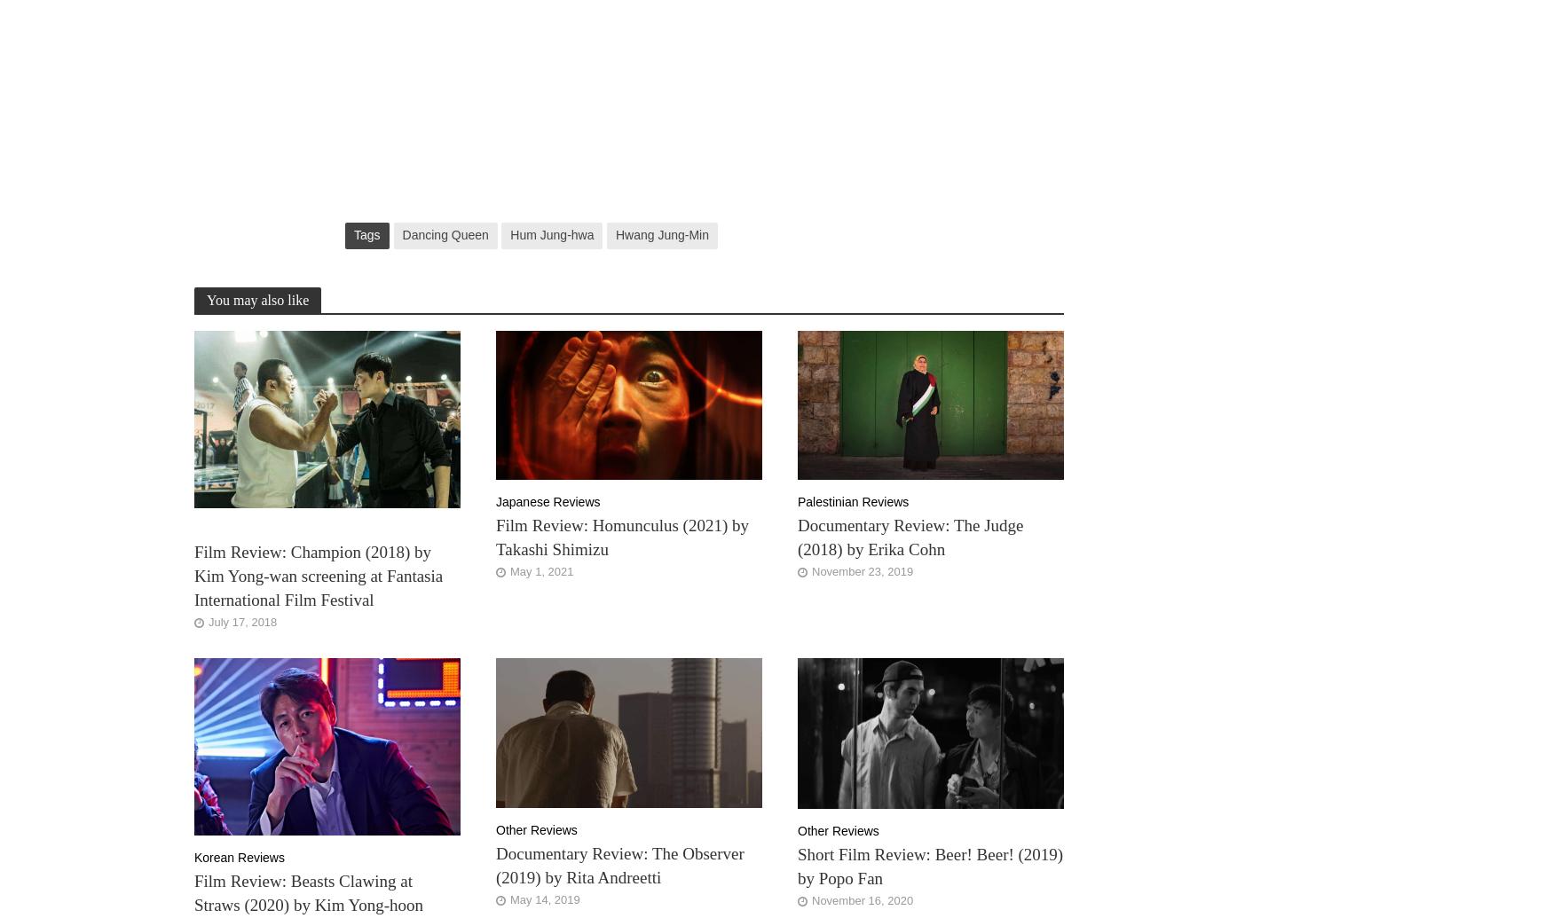  Describe the element at coordinates (660, 234) in the screenshot. I see `'Hwang Jung-Min'` at that location.